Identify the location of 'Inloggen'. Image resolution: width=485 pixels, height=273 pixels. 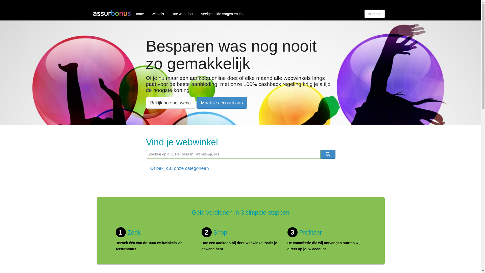
(375, 13).